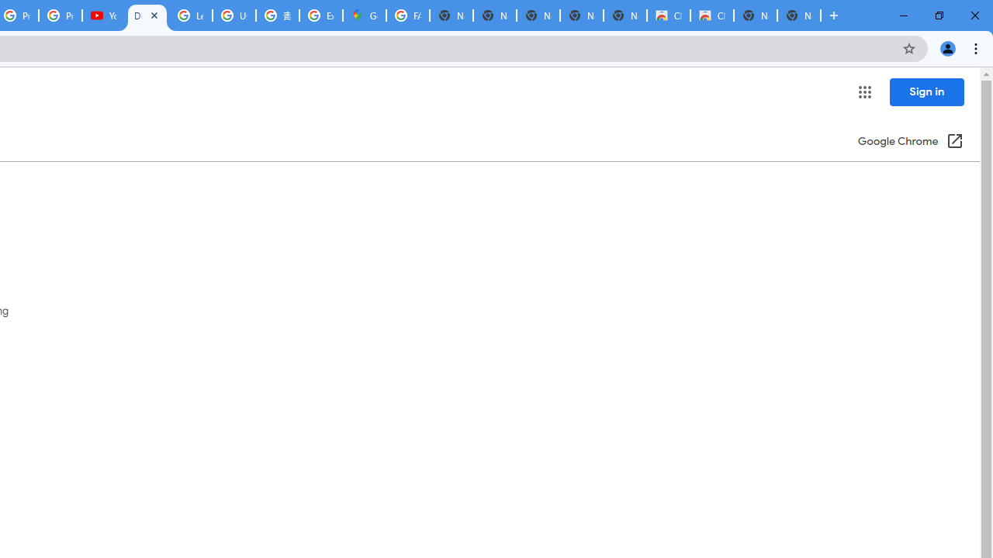 The width and height of the screenshot is (993, 558). I want to click on 'Classic Blue - Chrome Web Store', so click(711, 15).